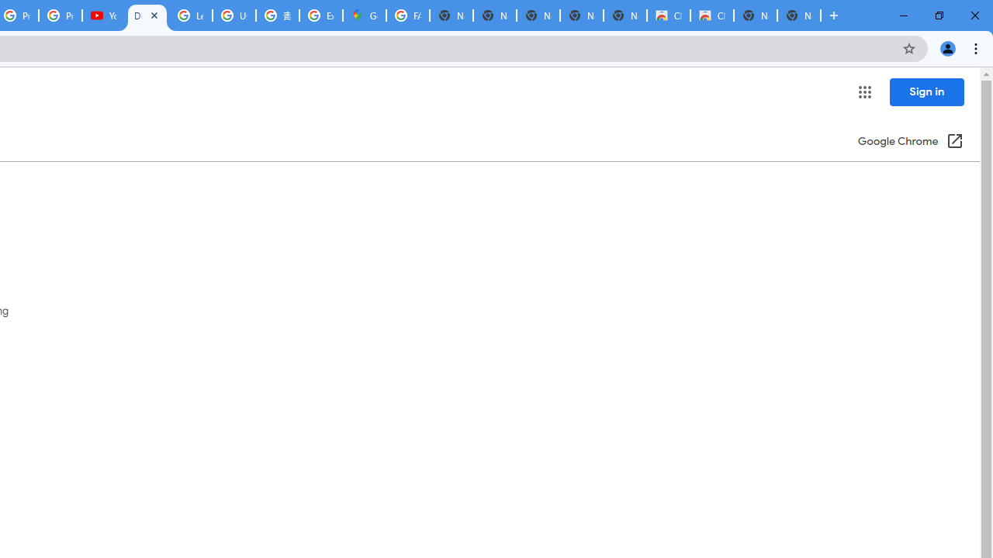 The width and height of the screenshot is (993, 558). I want to click on 'Classic Blue - Chrome Web Store', so click(711, 15).